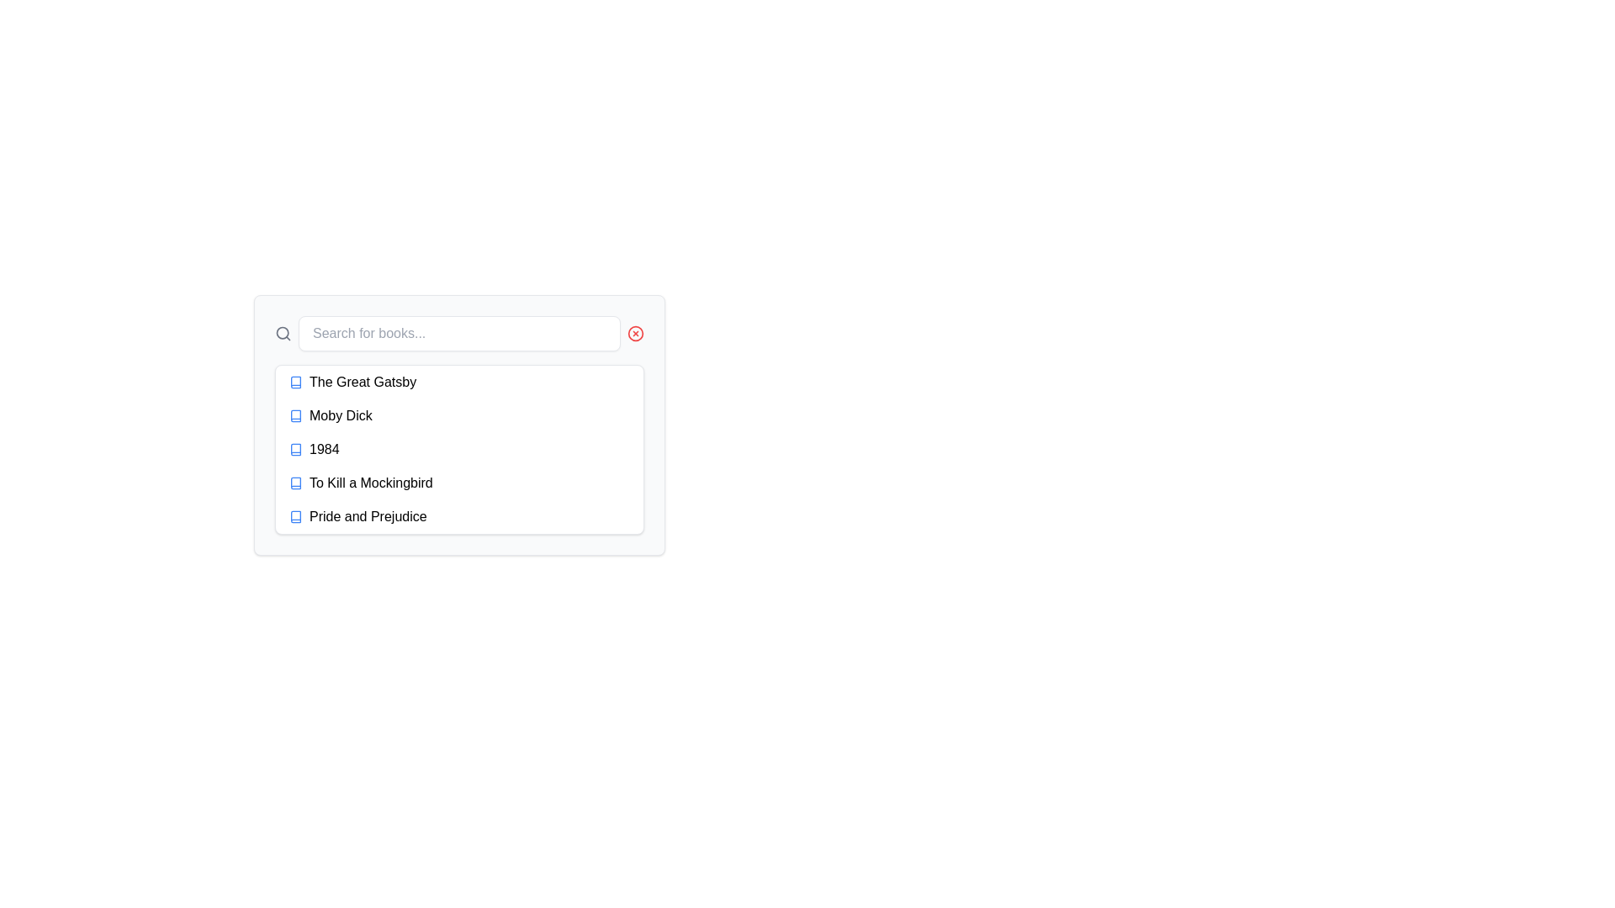 The height and width of the screenshot is (908, 1615). What do you see at coordinates (459, 334) in the screenshot?
I see `inside the text input field, which is a horizontally-aligned box with a search icon on the left and a red close icon on the right, to focus it` at bounding box center [459, 334].